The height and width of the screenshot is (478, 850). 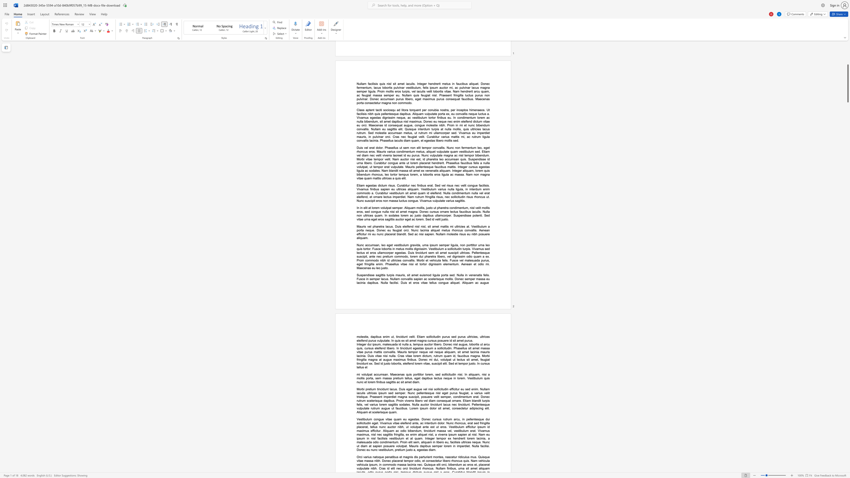 What do you see at coordinates (418, 449) in the screenshot?
I see `the subset text "gestas diam" within the text "Vestibulum congue vitae quam eu egestas. Donec cursus rutrum arcu, in pellentesque dui sollicitudin eget. Vivamus vitae eleifend ante, ac interdum dolor. Nunc rhoncus, erat sed fringilla placerat, tellus nunc auctor nibh, ut volutpat ante est ut eros. Vestibulum efficitur ipsum id maximus efficitur. Aliquam ac odio bibendum, tincidunt massa vel, vestibulum erat. Vivamus maximus, nisl nec sagittis fringilla, ex enim aliquet nisl, a viverra ipsum sapien at nisl. Nam eu ipsum in nisl facilisis vestibulum et at quam. Integer tempor ex hendrerit lorem lacinia, a malesuada odio condimentum. Proin elit sem, aliquam in libero eu, facilisis ultrices neque. Nunc ut diam at sapien posuere volutpat. Mauris dapibus semper lorem in imperdiet. Nulla facilisi. Donec eu nunc vestibulum, pretium justo a, egestas diam."` at bounding box center [418, 449].